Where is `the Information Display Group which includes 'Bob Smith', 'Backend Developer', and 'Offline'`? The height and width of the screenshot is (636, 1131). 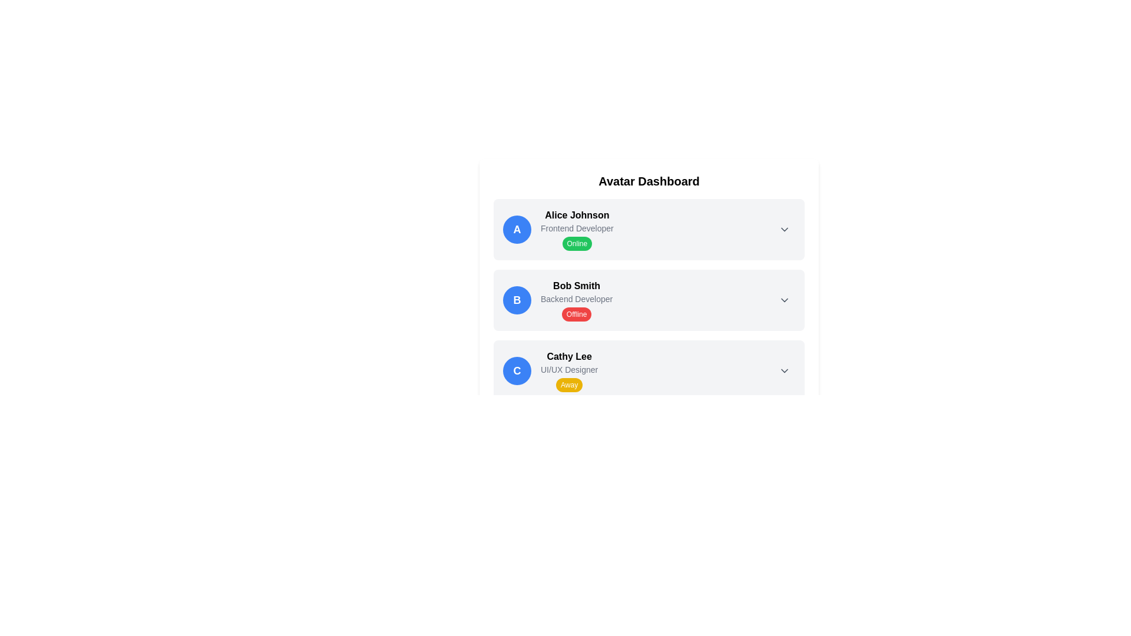 the Information Display Group which includes 'Bob Smith', 'Backend Developer', and 'Offline' is located at coordinates (577, 299).